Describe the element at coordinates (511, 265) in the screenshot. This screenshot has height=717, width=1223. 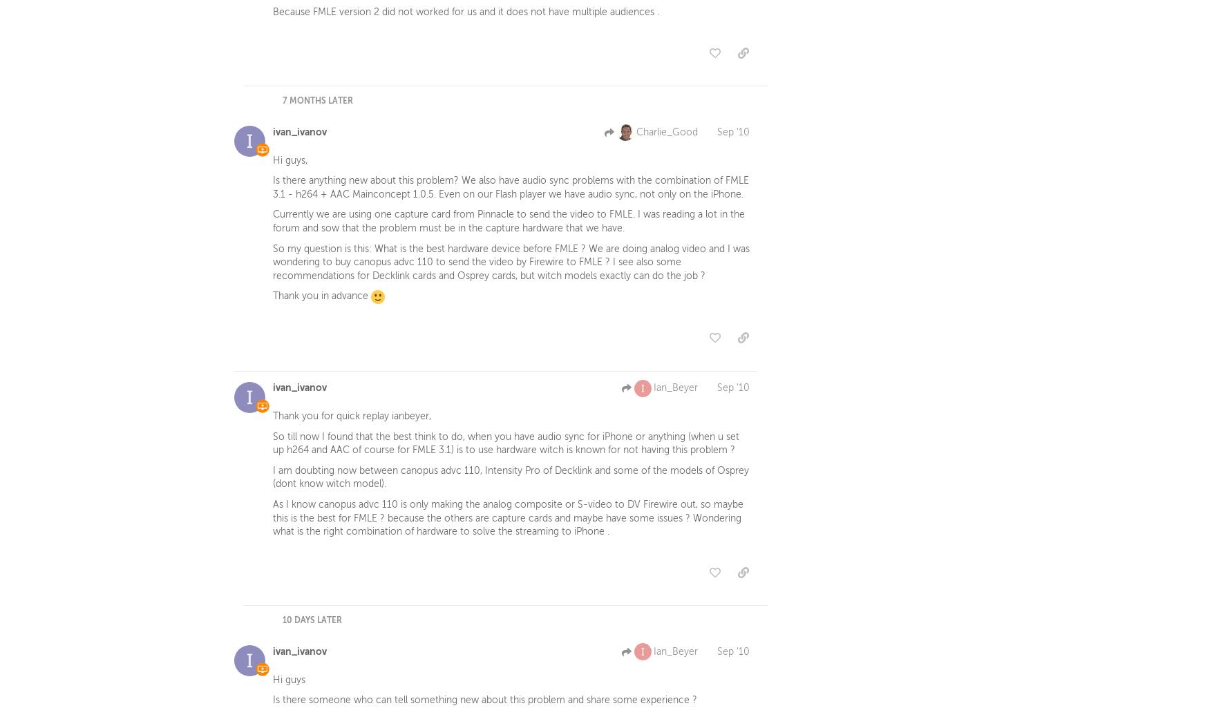
I see `'So my question is this: What is the best hardware device before FMLE ? We are doing analog video and I was wondering to buy canopus advc 110 to send the video by Firewire to FMLE ? I see also some recommendations for Decklink cards and Osprey cards, but witch models exactly can do the job ?'` at that location.